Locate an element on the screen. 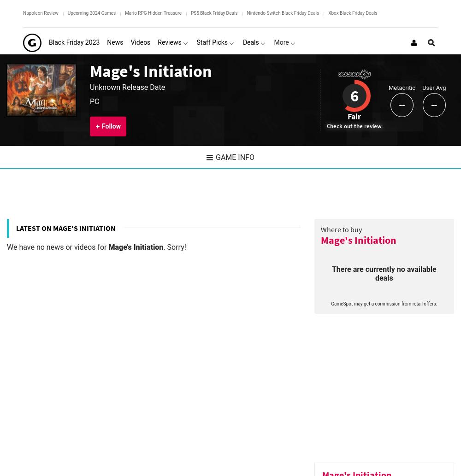  'Napoleon Review' is located at coordinates (40, 13).